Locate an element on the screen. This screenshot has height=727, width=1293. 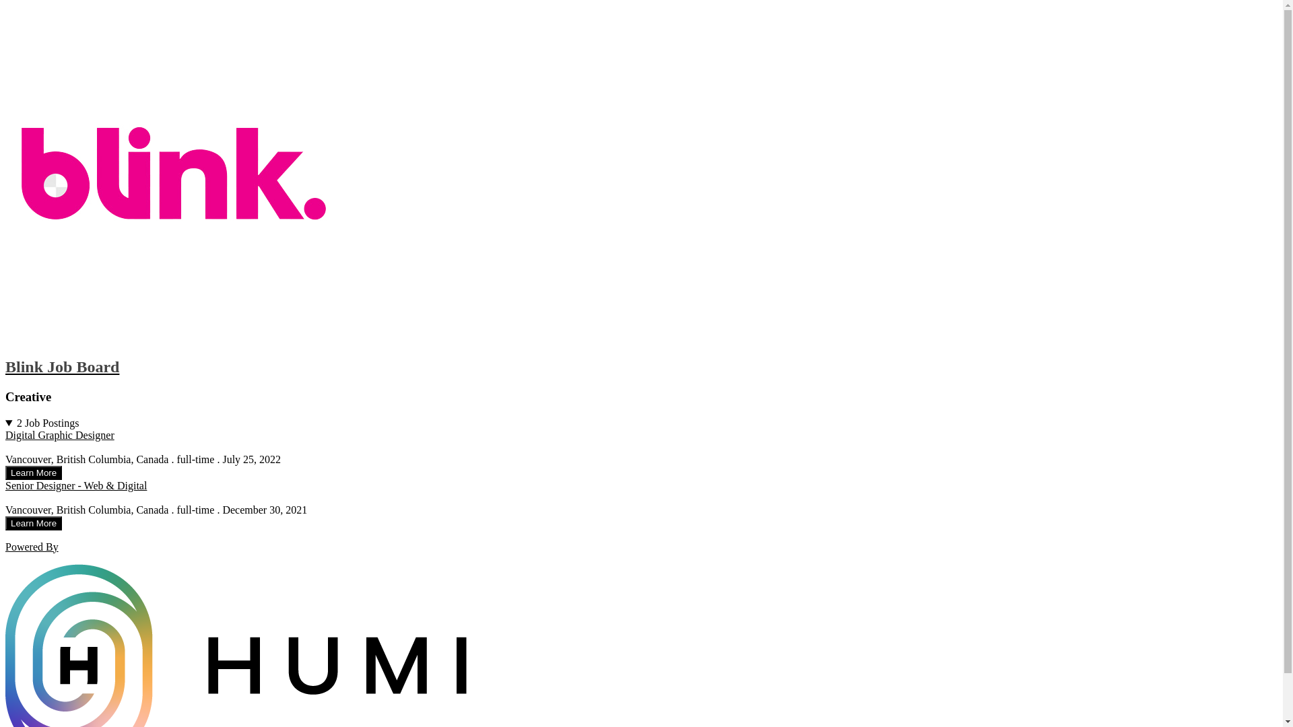
'Senior Designer - Web & Digital' is located at coordinates (75, 485).